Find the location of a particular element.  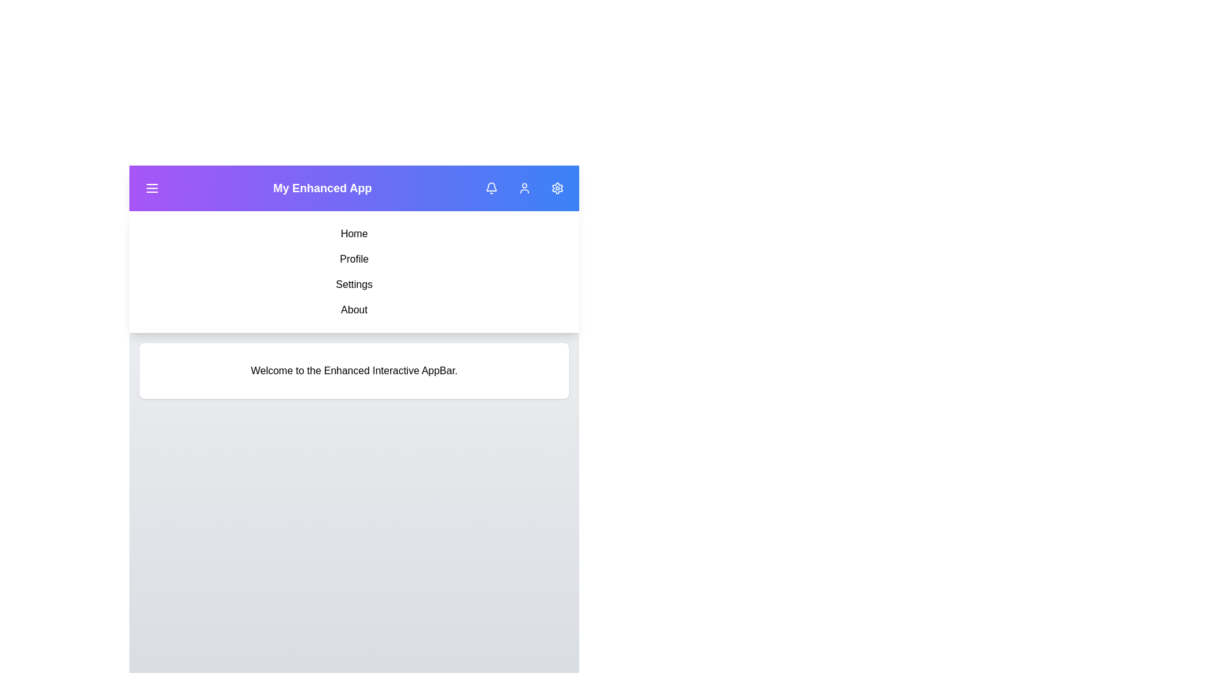

the User button in the top-right corner of the app bar is located at coordinates (524, 188).